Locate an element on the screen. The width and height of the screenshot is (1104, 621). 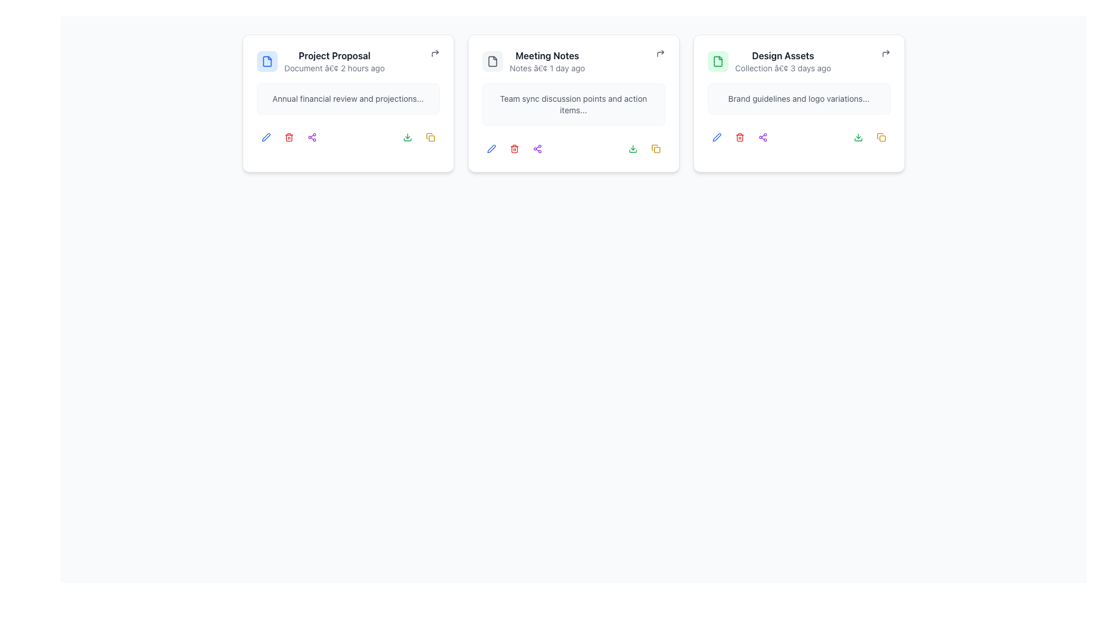
metadata text label indicating the category 'Collection' and the last updated time '3 days ago' located directly below the 'Design Assets' header in the details section of the card is located at coordinates (782, 68).